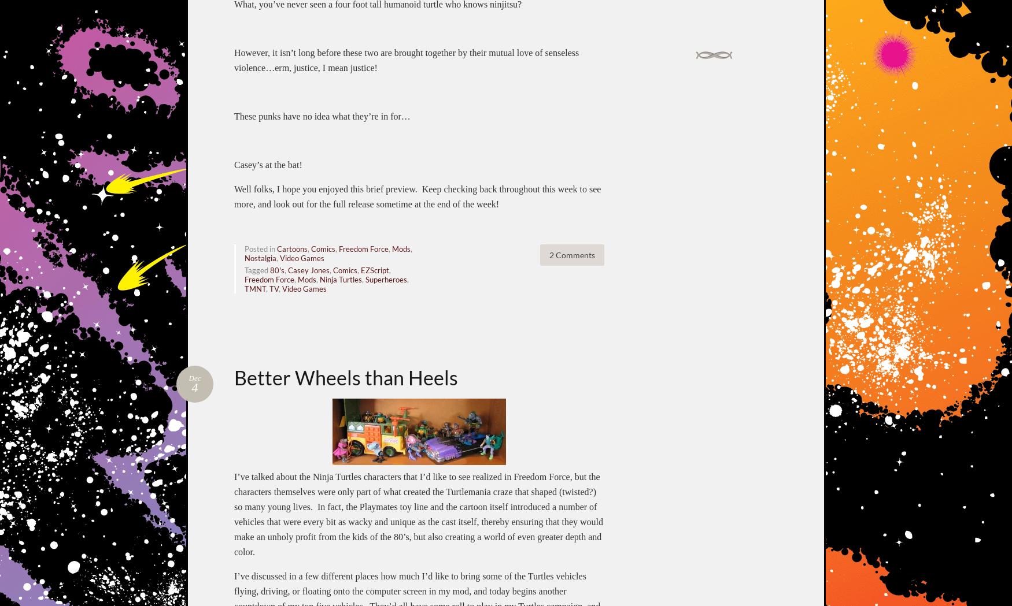 This screenshot has height=606, width=1012. Describe the element at coordinates (291, 247) in the screenshot. I see `'Cartoons'` at that location.